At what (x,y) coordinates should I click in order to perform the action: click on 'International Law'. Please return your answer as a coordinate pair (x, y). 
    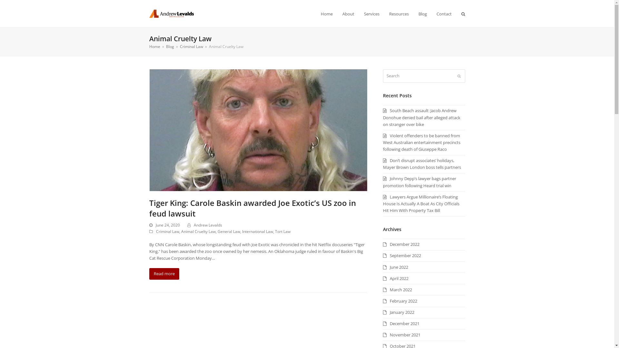
    Looking at the image, I should click on (241, 231).